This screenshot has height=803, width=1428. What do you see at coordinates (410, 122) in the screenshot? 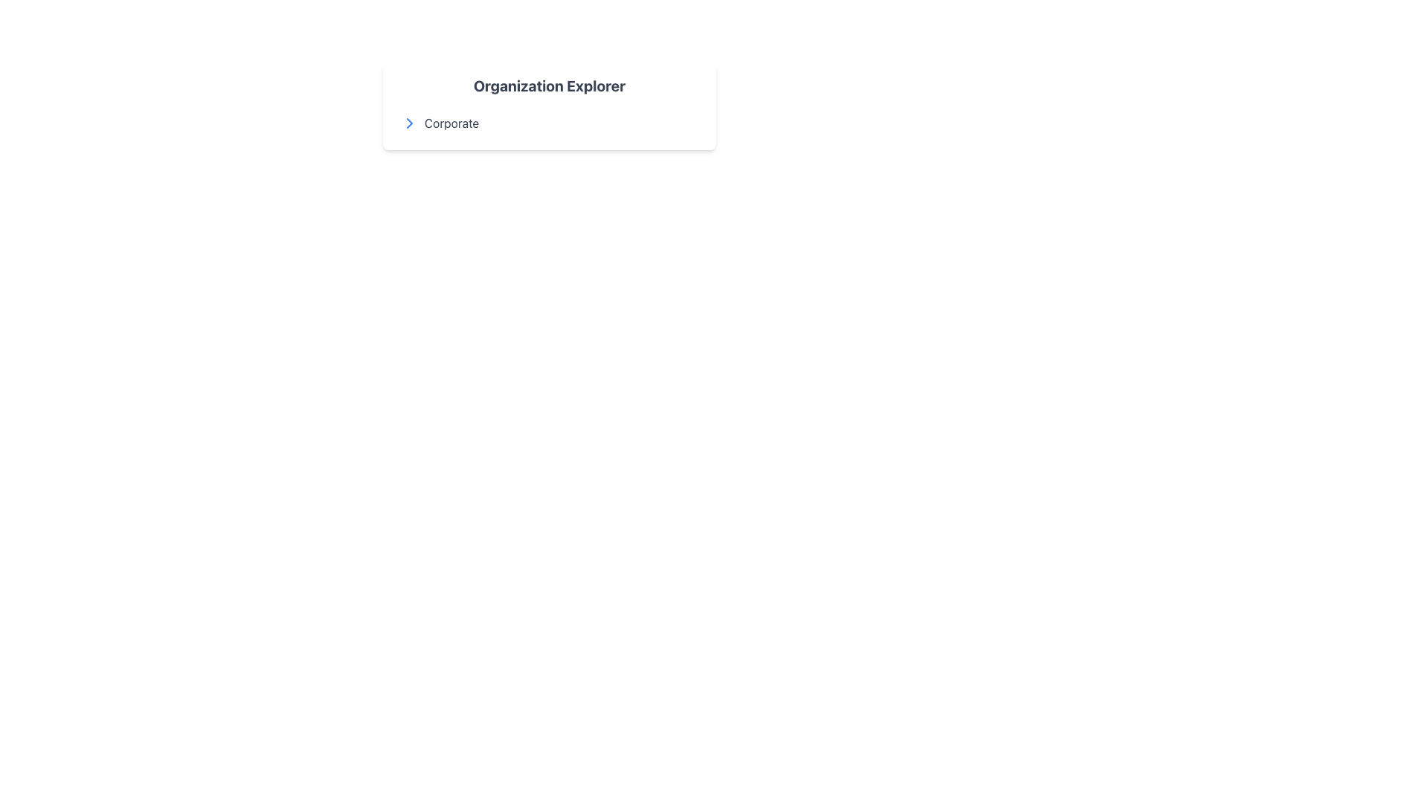
I see `the blue rightward-chevron icon located to the left of the text label 'Corporate' within the 'Organization Explorer' card for accessibility` at bounding box center [410, 122].